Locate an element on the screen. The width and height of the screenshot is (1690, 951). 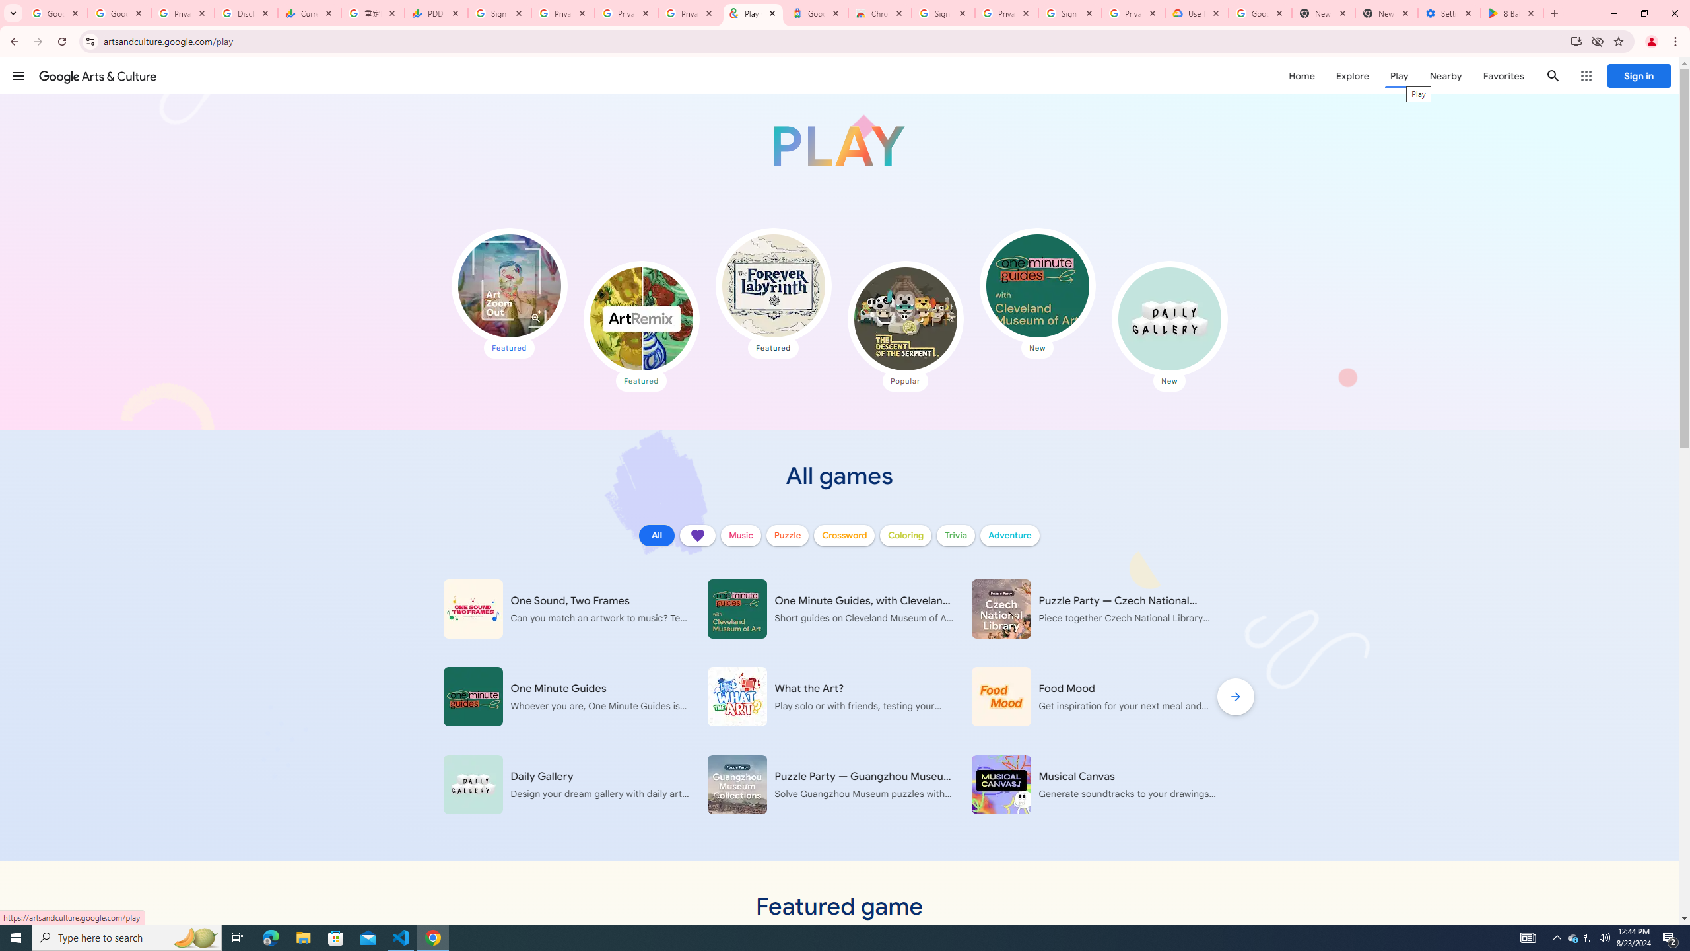
'Currencies - Google Finance' is located at coordinates (309, 13).